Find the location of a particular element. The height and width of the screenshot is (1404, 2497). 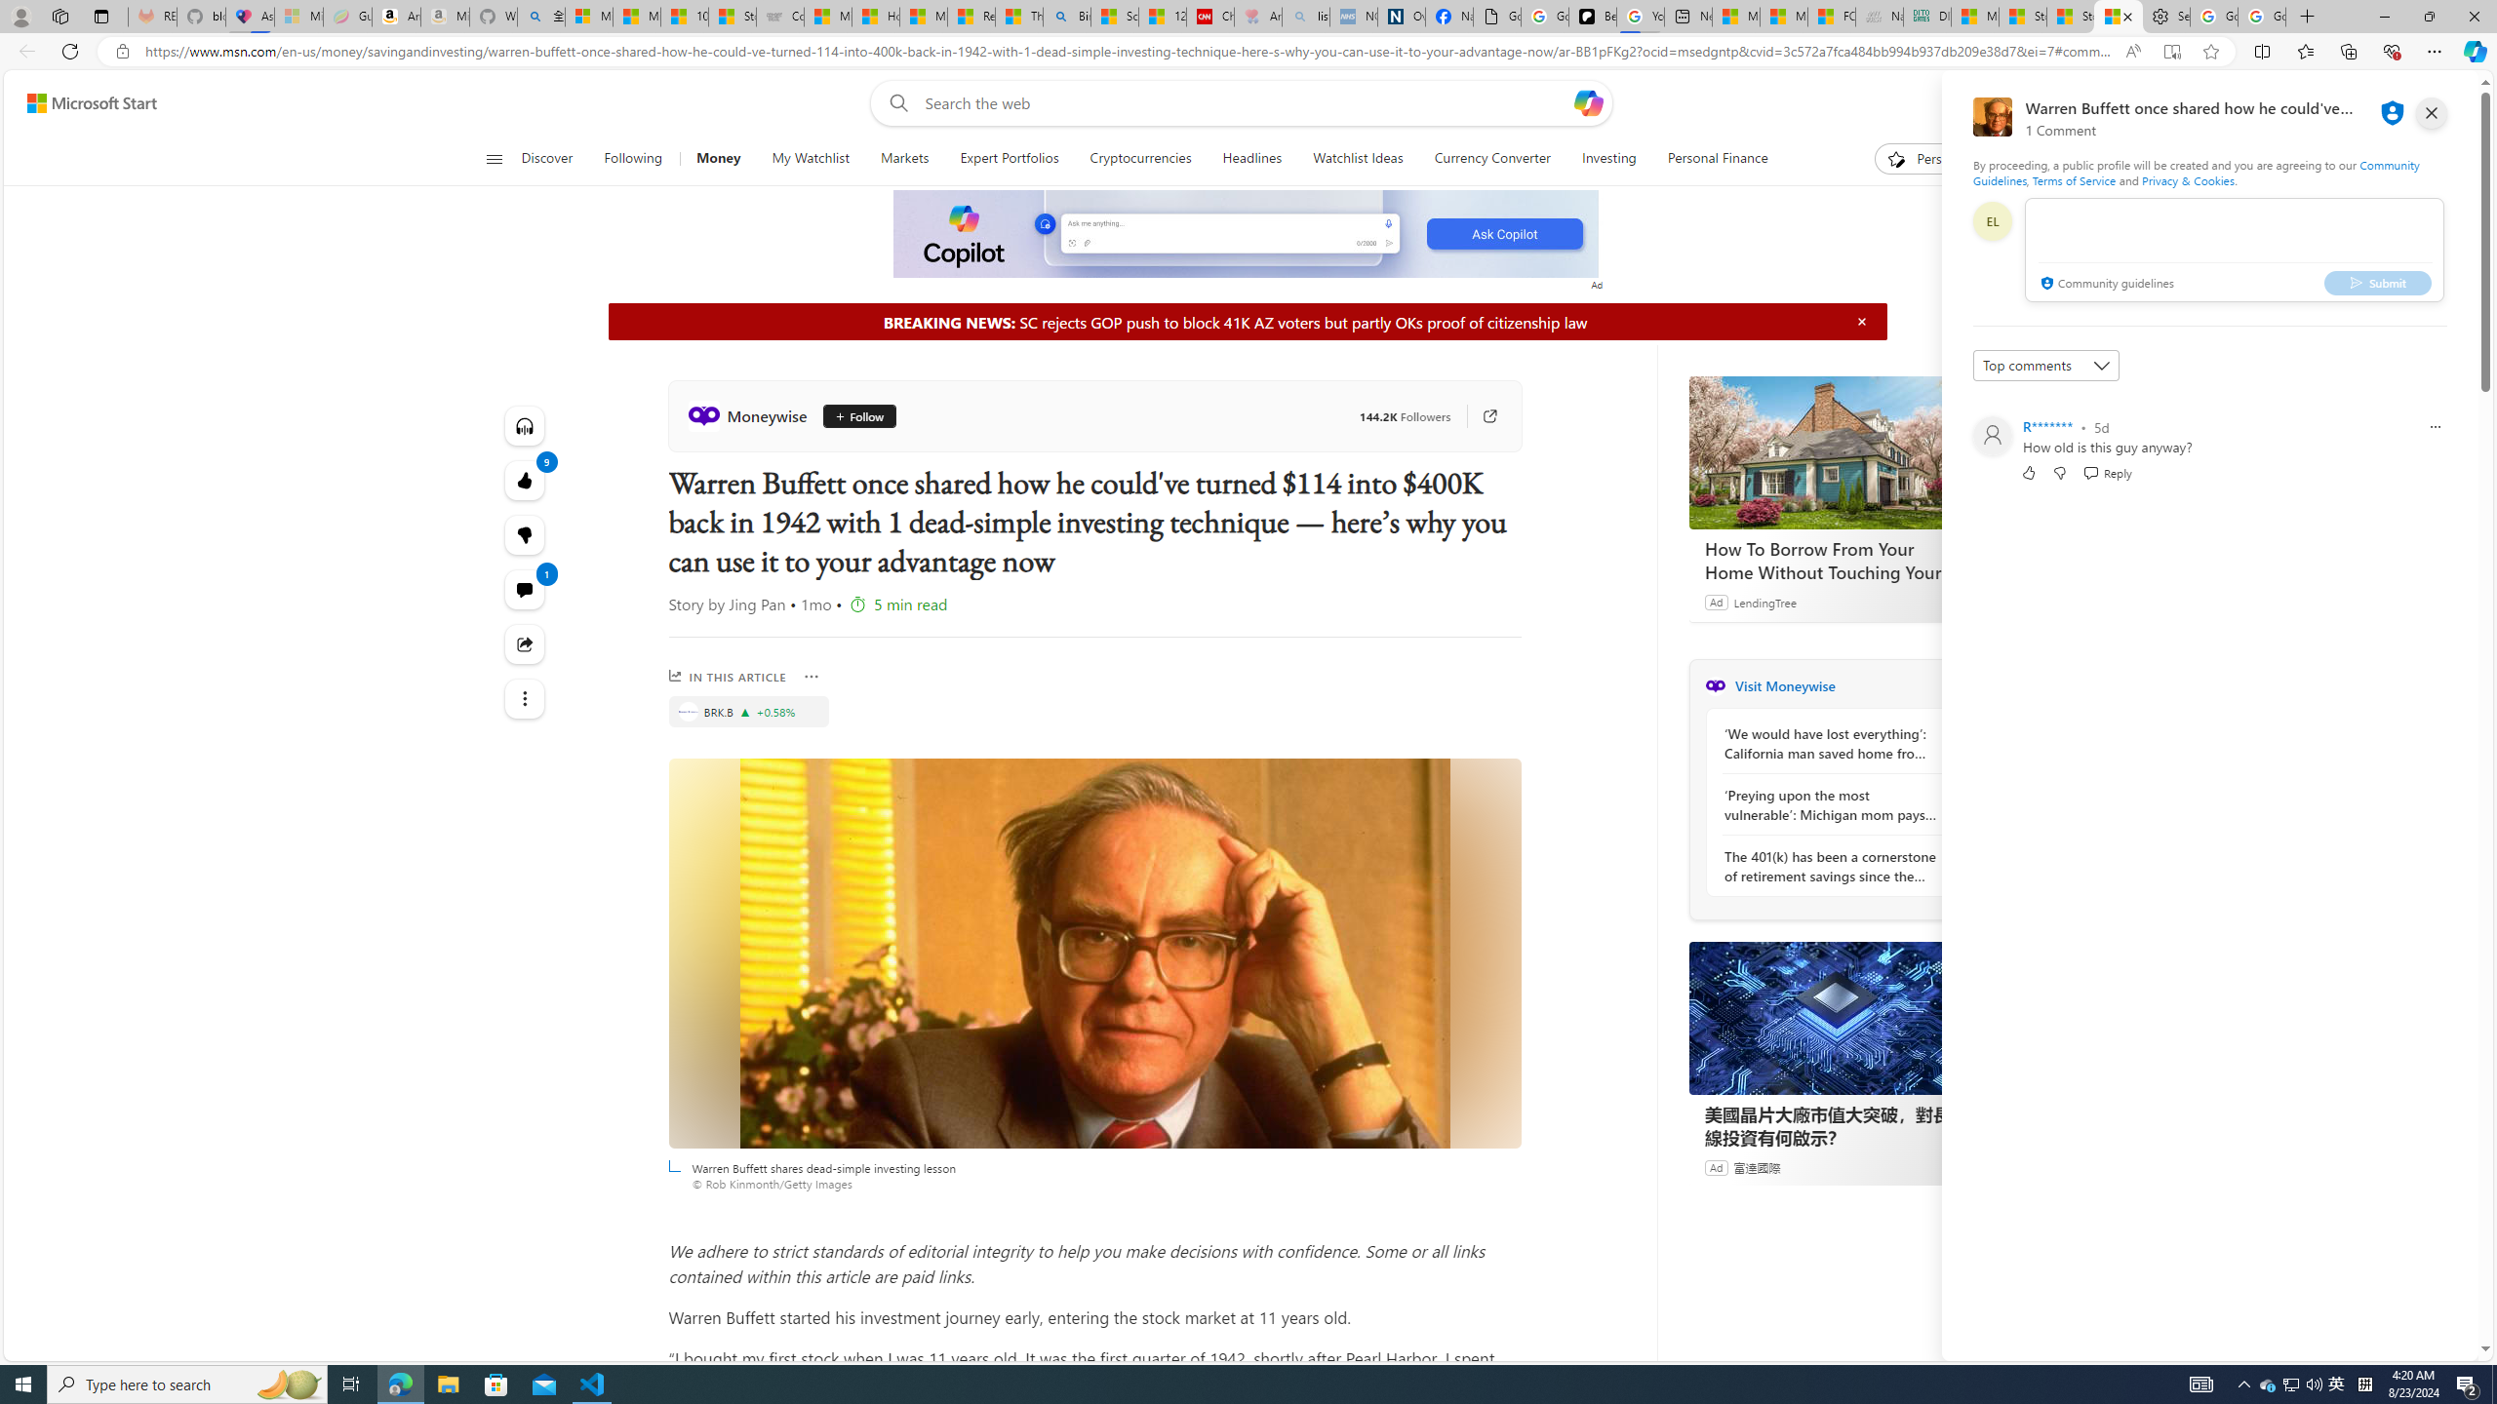

'Navy Quest' is located at coordinates (1880, 16).